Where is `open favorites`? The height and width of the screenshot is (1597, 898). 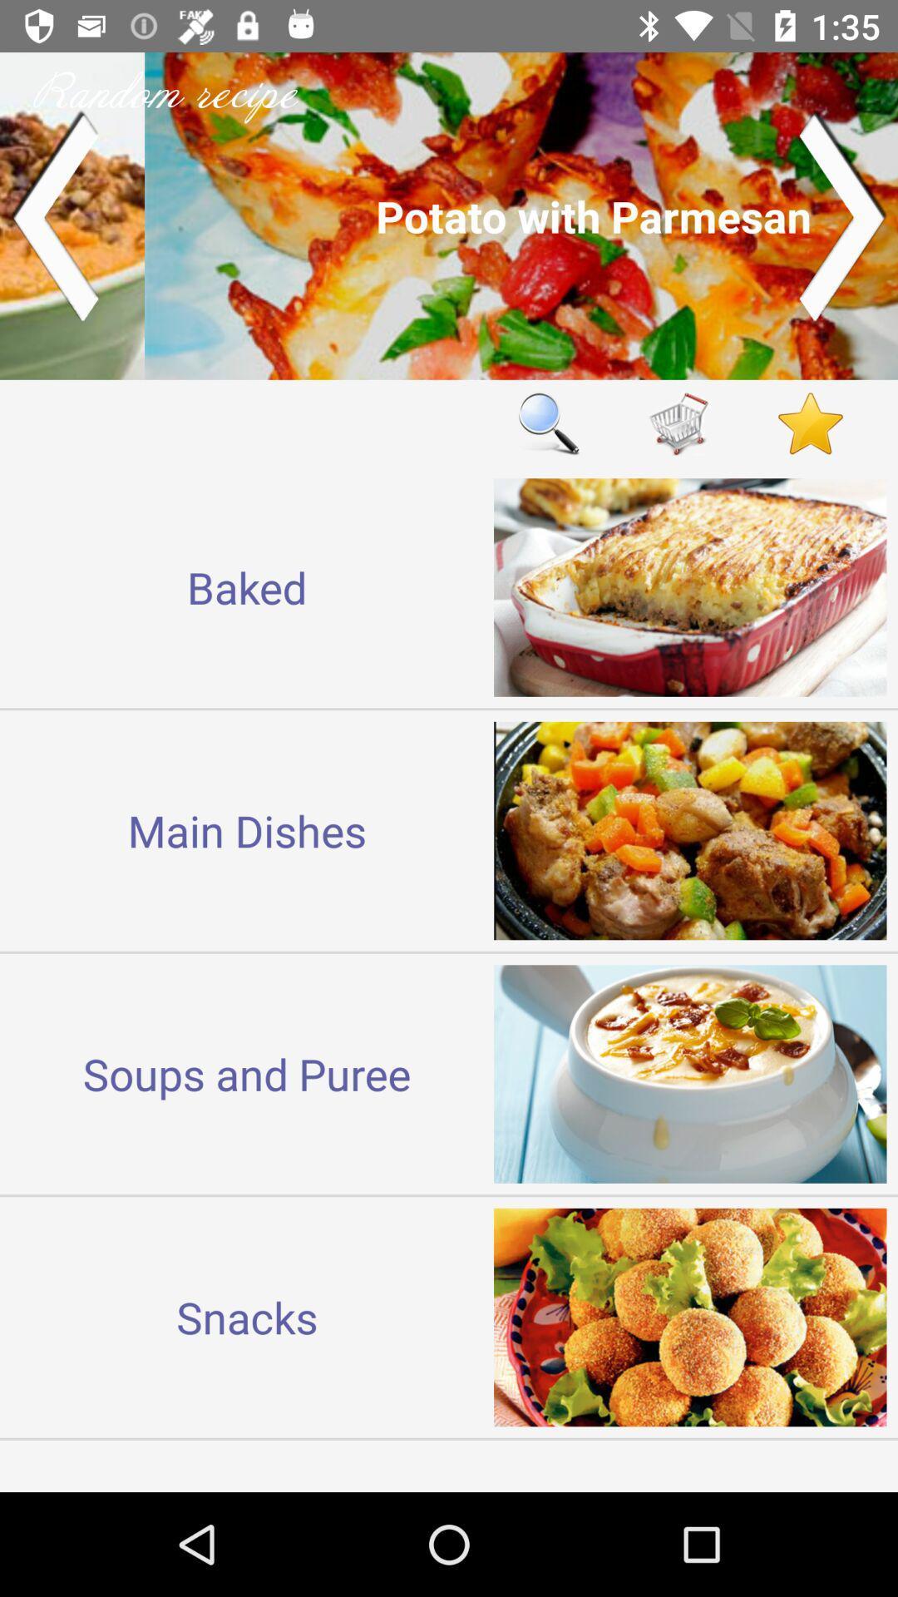
open favorites is located at coordinates (810, 423).